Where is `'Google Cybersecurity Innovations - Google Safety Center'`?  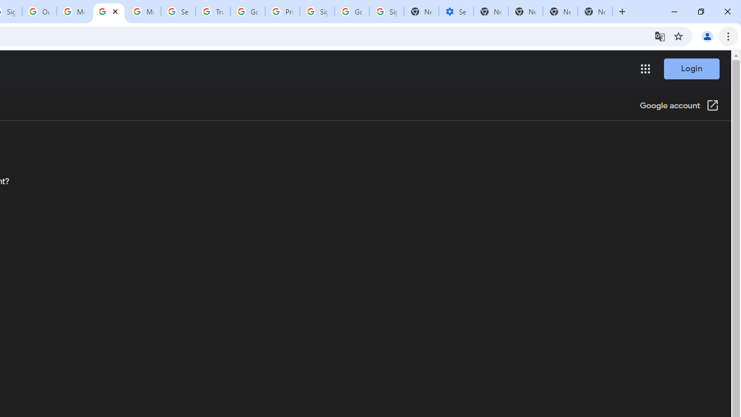
'Google Cybersecurity Innovations - Google Safety Center' is located at coordinates (351, 12).